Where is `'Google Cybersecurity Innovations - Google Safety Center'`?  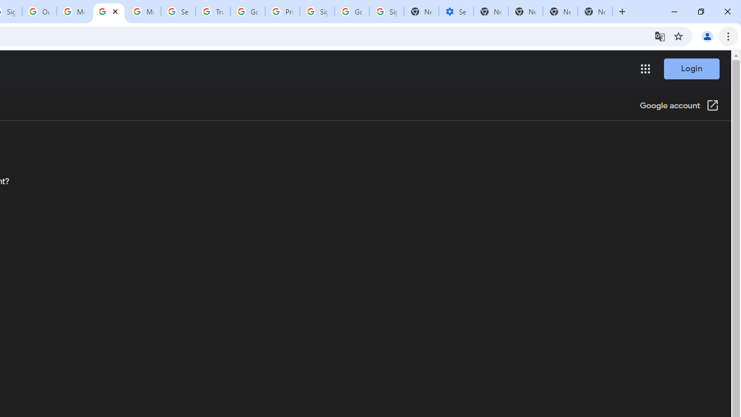
'Google Cybersecurity Innovations - Google Safety Center' is located at coordinates (351, 12).